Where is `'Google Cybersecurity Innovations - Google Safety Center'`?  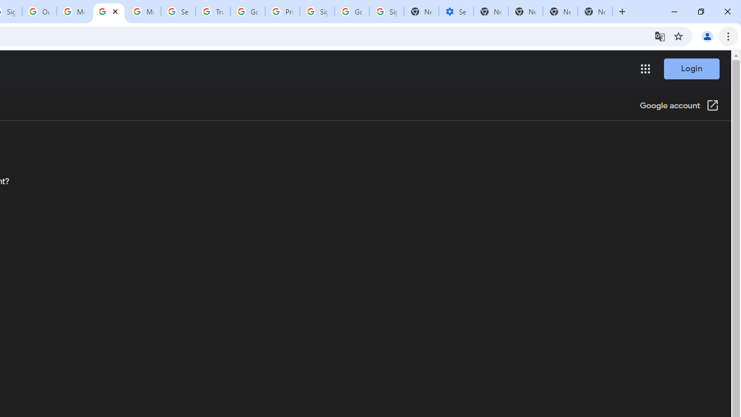
'Google Cybersecurity Innovations - Google Safety Center' is located at coordinates (351, 12).